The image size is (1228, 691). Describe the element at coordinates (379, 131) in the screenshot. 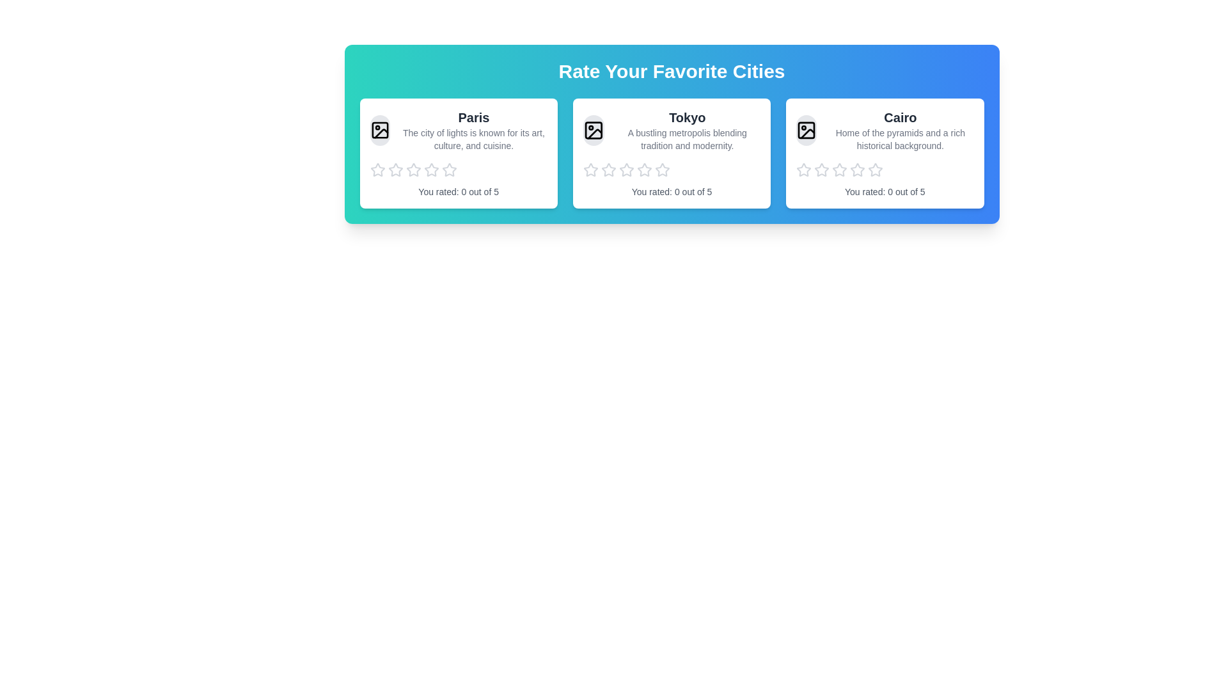

I see `the small rectangular element with rounded corners located inside the circular icon in the top left quadrant of the card labeled 'Paris'` at that location.